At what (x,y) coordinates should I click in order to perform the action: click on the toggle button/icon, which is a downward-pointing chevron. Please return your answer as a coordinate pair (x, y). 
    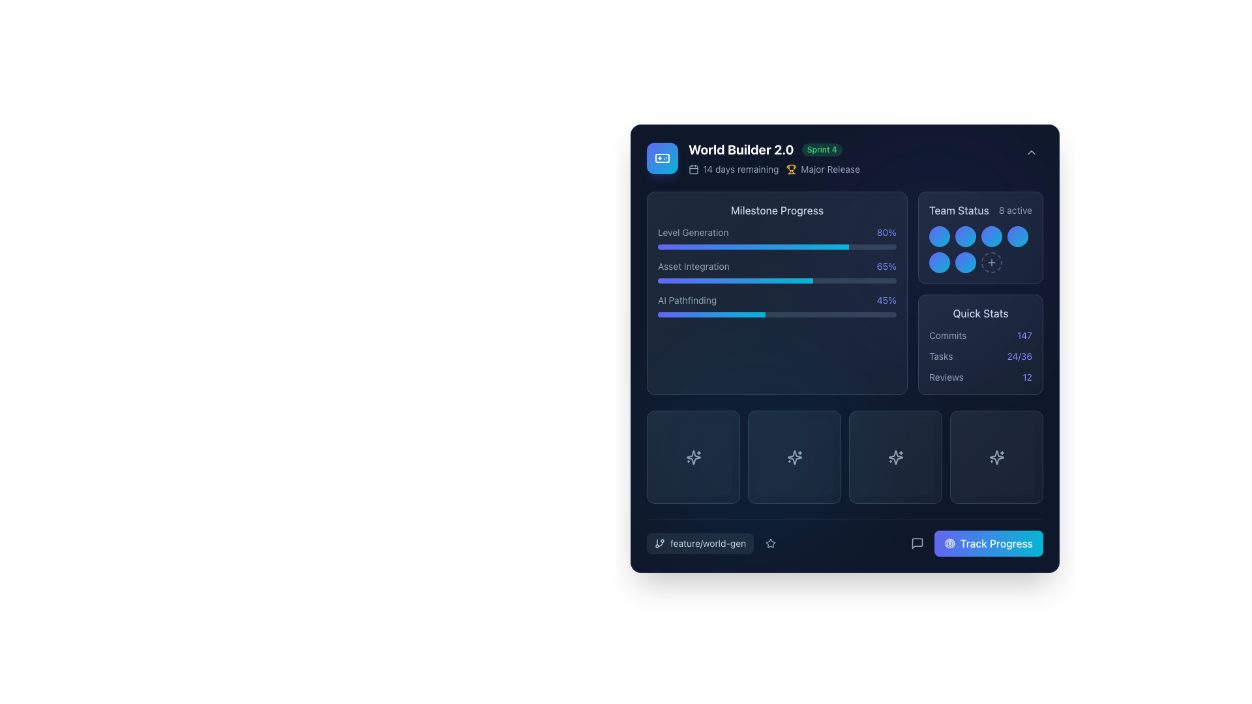
    Looking at the image, I should click on (1031, 152).